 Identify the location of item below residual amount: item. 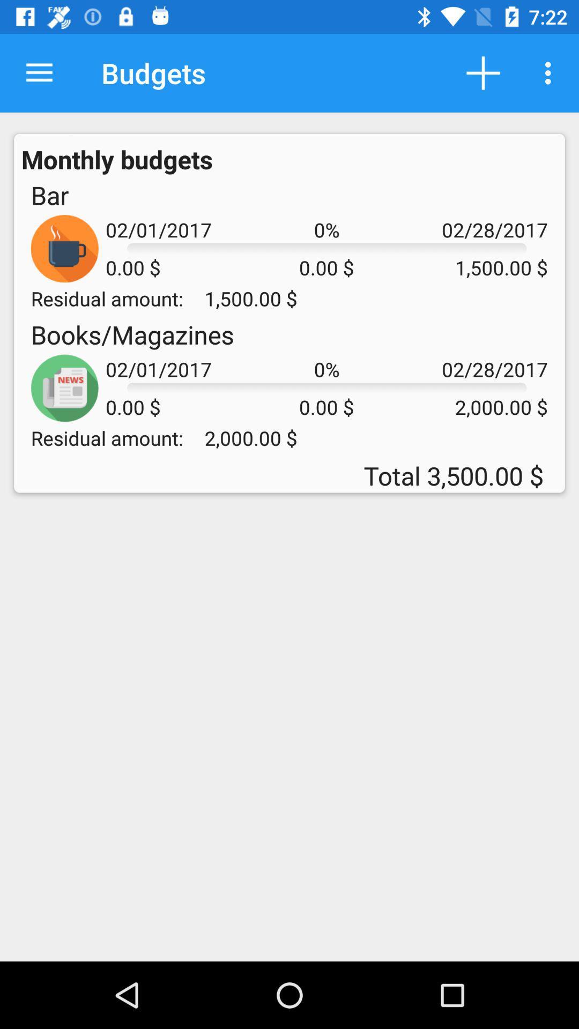
(132, 334).